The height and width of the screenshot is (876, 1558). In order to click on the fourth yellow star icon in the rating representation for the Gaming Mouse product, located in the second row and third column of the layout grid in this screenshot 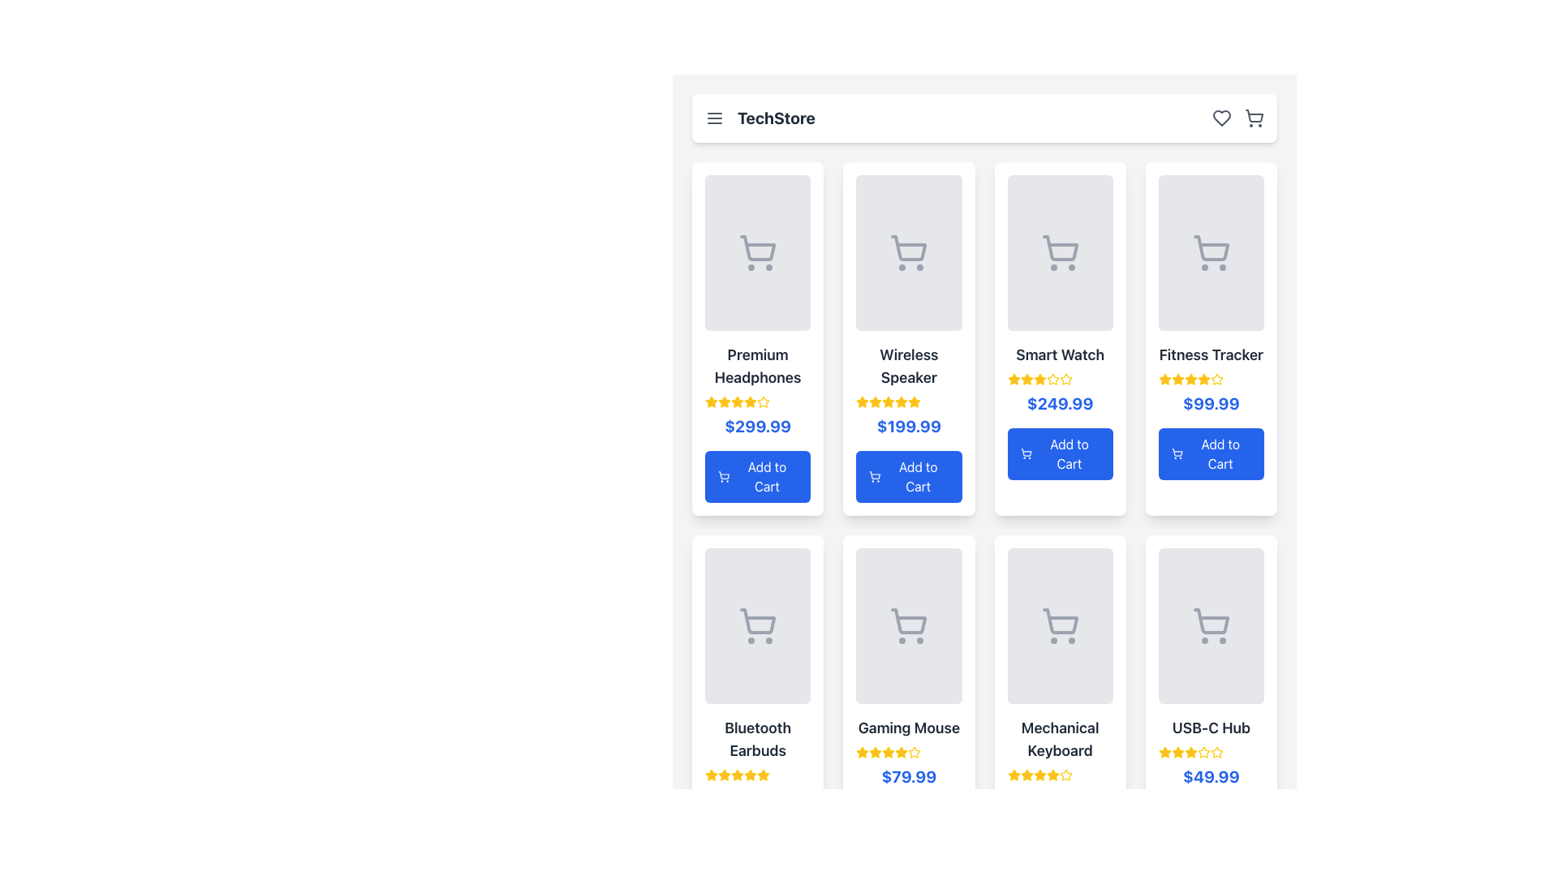, I will do `click(915, 752)`.